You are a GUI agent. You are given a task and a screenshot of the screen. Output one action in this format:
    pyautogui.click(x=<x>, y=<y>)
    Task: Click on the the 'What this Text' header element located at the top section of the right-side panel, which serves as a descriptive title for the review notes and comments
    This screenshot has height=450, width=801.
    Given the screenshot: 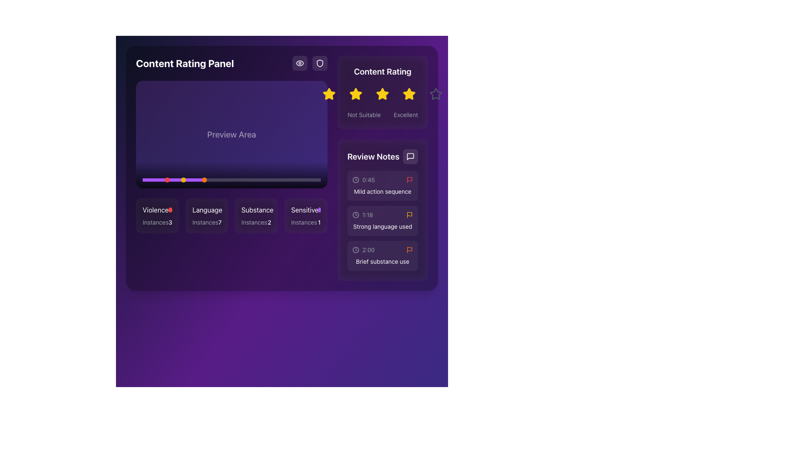 What is the action you would take?
    pyautogui.click(x=382, y=156)
    